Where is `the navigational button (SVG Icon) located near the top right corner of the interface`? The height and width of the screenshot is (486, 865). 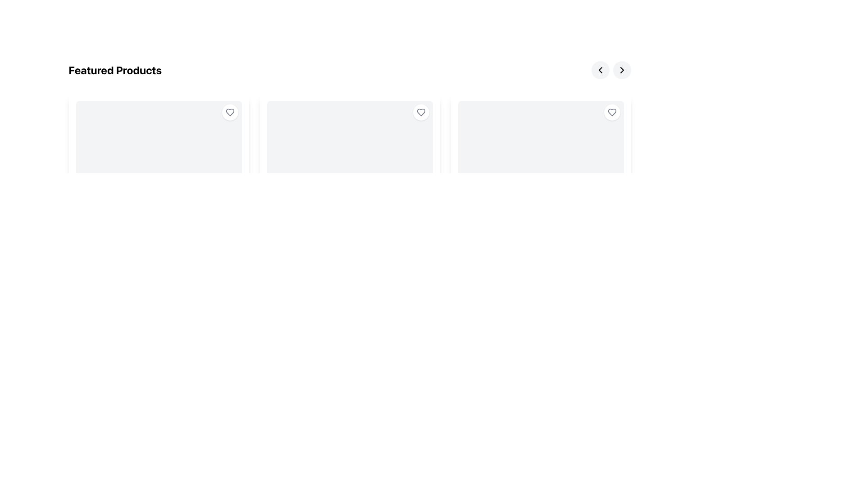 the navigational button (SVG Icon) located near the top right corner of the interface is located at coordinates (600, 69).